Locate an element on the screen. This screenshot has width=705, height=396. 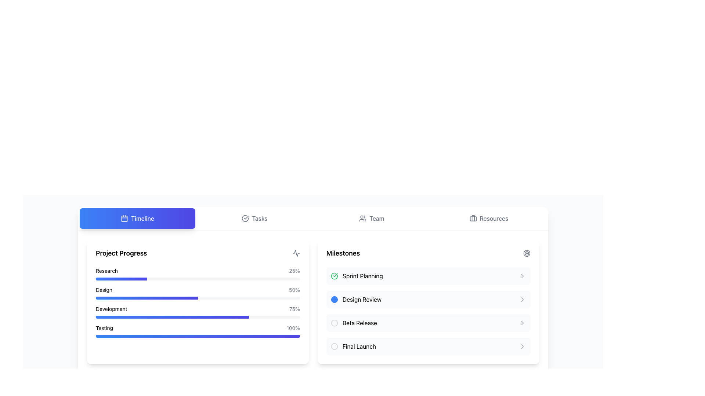
the Text label indicating the completion percentage of the 'Research' task in the Project Progress section is located at coordinates (294, 271).